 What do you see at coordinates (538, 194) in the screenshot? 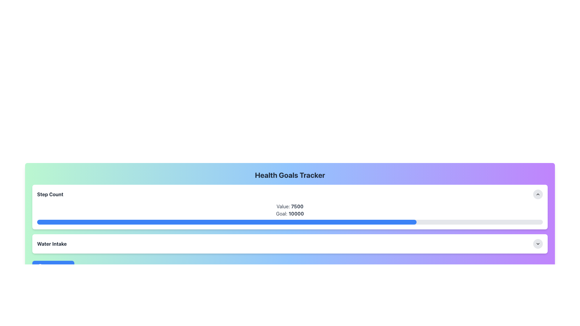
I see `the upward navigation button located to the far right of the 'Step Count' section to change its color` at bounding box center [538, 194].